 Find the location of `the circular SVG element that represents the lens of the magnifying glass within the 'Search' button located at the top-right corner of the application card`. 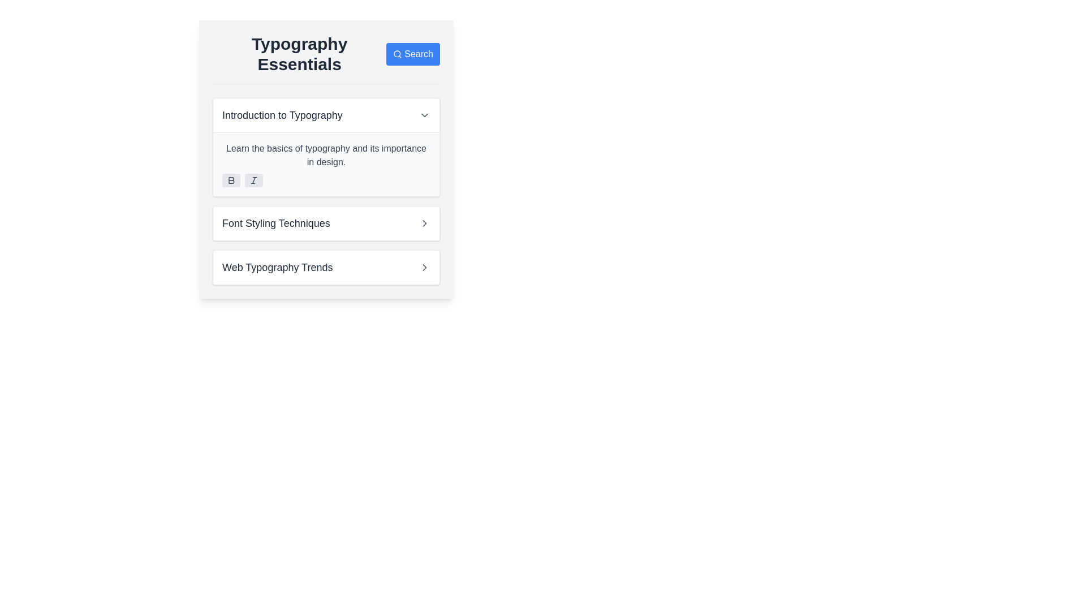

the circular SVG element that represents the lens of the magnifying glass within the 'Search' button located at the top-right corner of the application card is located at coordinates (397, 54).